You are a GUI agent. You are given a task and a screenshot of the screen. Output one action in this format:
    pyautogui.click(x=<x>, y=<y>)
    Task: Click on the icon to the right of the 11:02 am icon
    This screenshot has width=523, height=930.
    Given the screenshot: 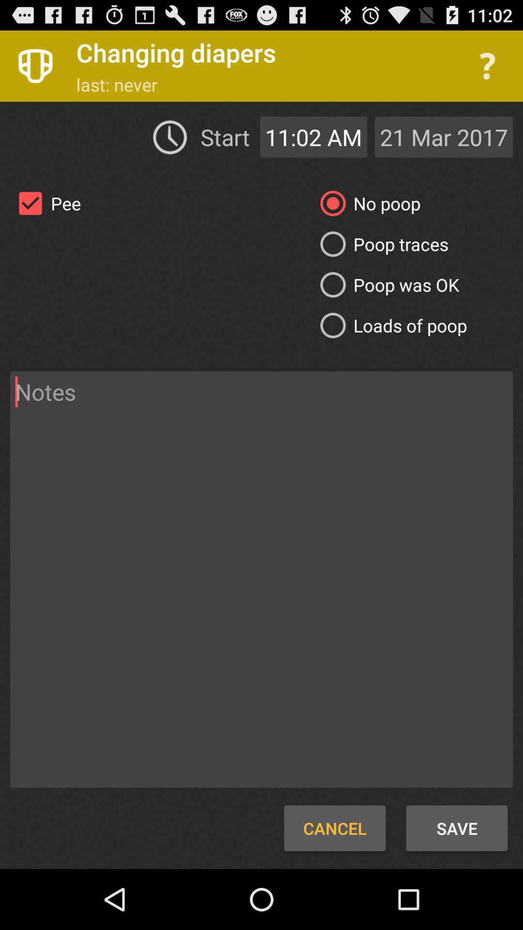 What is the action you would take?
    pyautogui.click(x=444, y=137)
    